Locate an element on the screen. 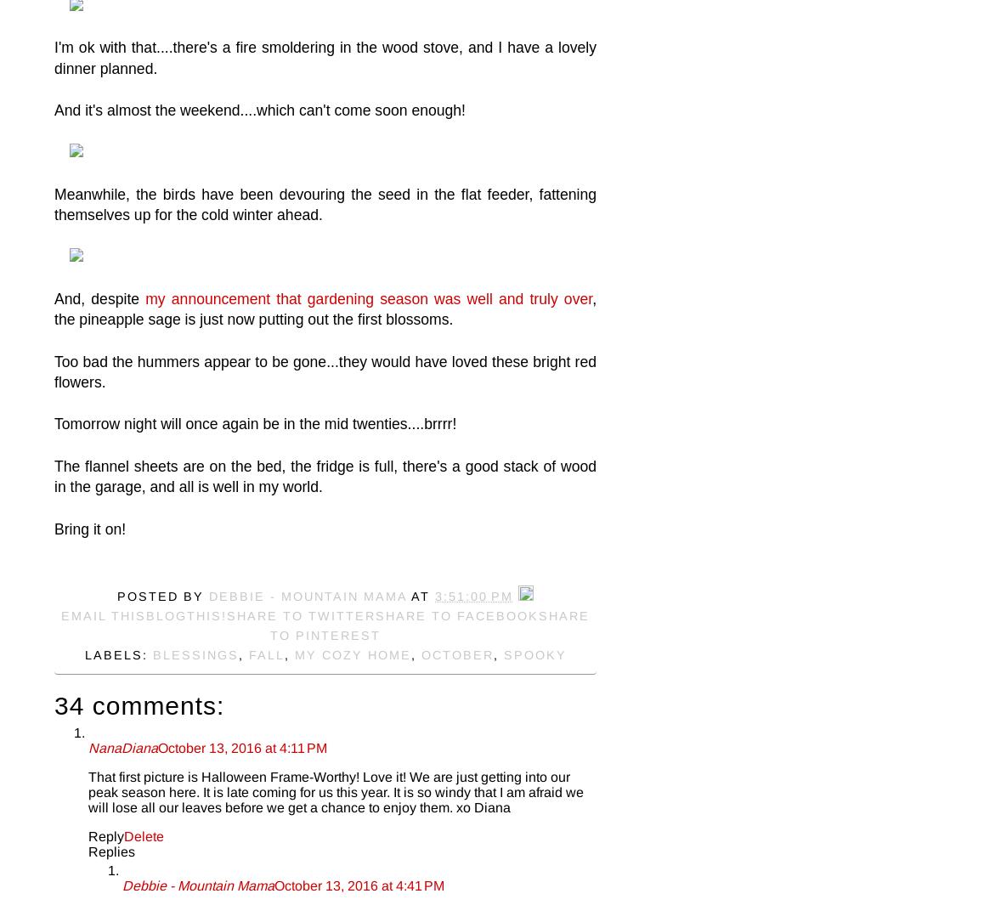  'my cozy home' is located at coordinates (293, 654).